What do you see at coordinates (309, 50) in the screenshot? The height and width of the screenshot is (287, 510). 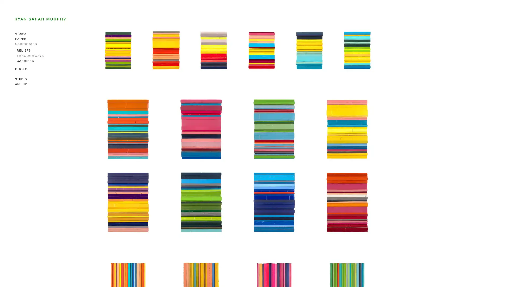 I see `View fullsize Throughway (yellow line) - Hover , 2021 found (unpainted) cardboard 6 x 4 inches INQUIRE` at bounding box center [309, 50].